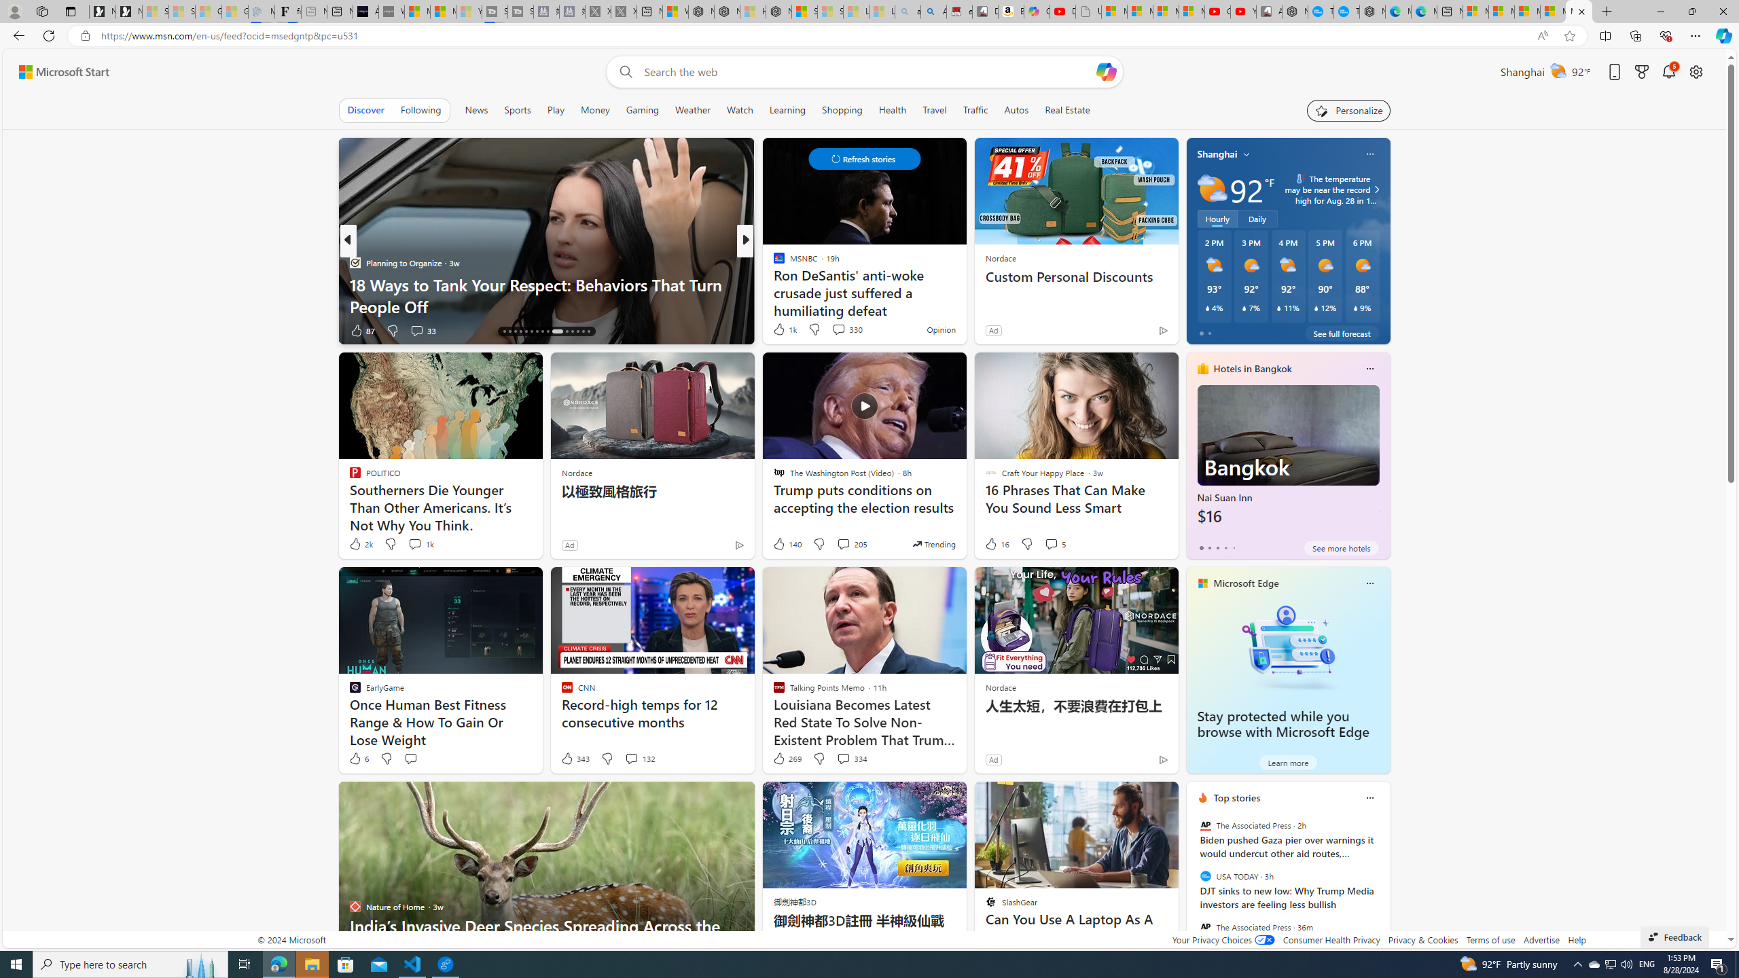 The height and width of the screenshot is (978, 1739). What do you see at coordinates (975, 109) in the screenshot?
I see `'Traffic'` at bounding box center [975, 109].